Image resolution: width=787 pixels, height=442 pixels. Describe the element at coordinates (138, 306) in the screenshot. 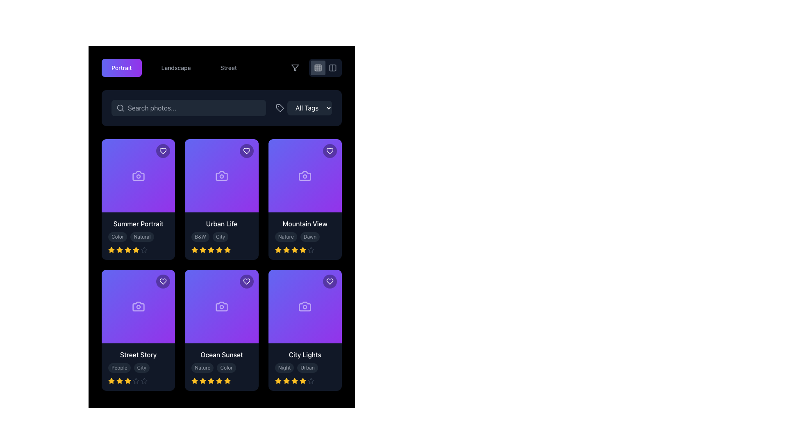

I see `the camera icon located in the center of the purple 'Street Story' card, which is the first card in the second row of the grid layout` at that location.